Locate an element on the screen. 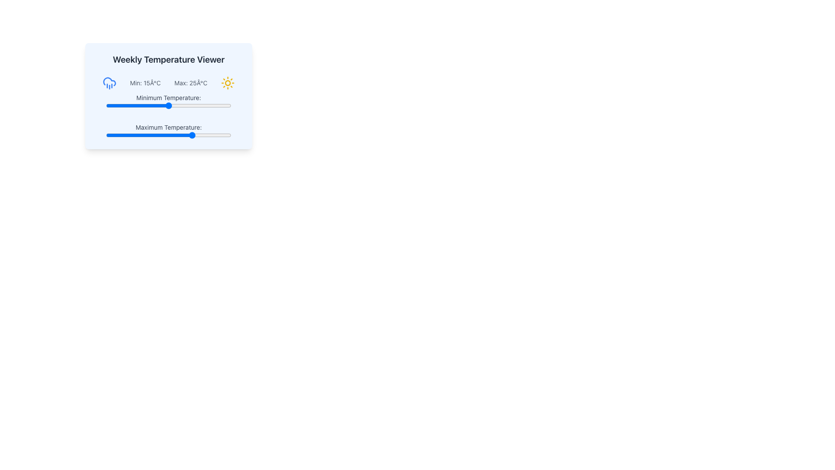 The height and width of the screenshot is (470, 835). the minimum temperature is located at coordinates (144, 105).